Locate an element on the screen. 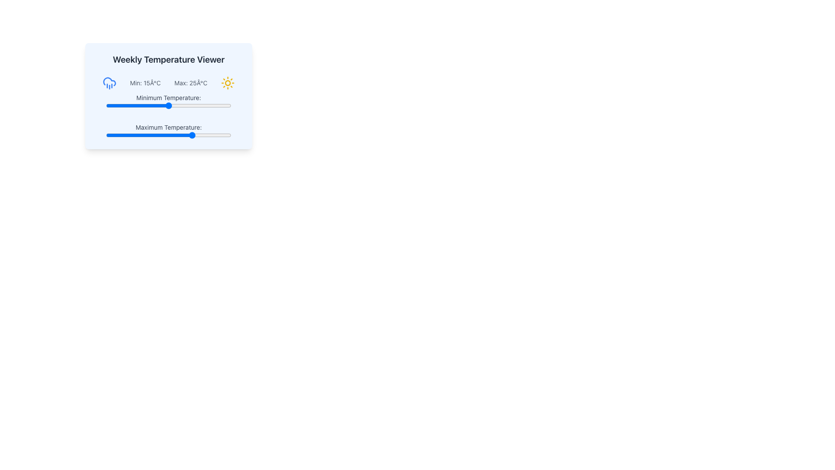 The height and width of the screenshot is (470, 835). the minimum temperature is located at coordinates (144, 105).